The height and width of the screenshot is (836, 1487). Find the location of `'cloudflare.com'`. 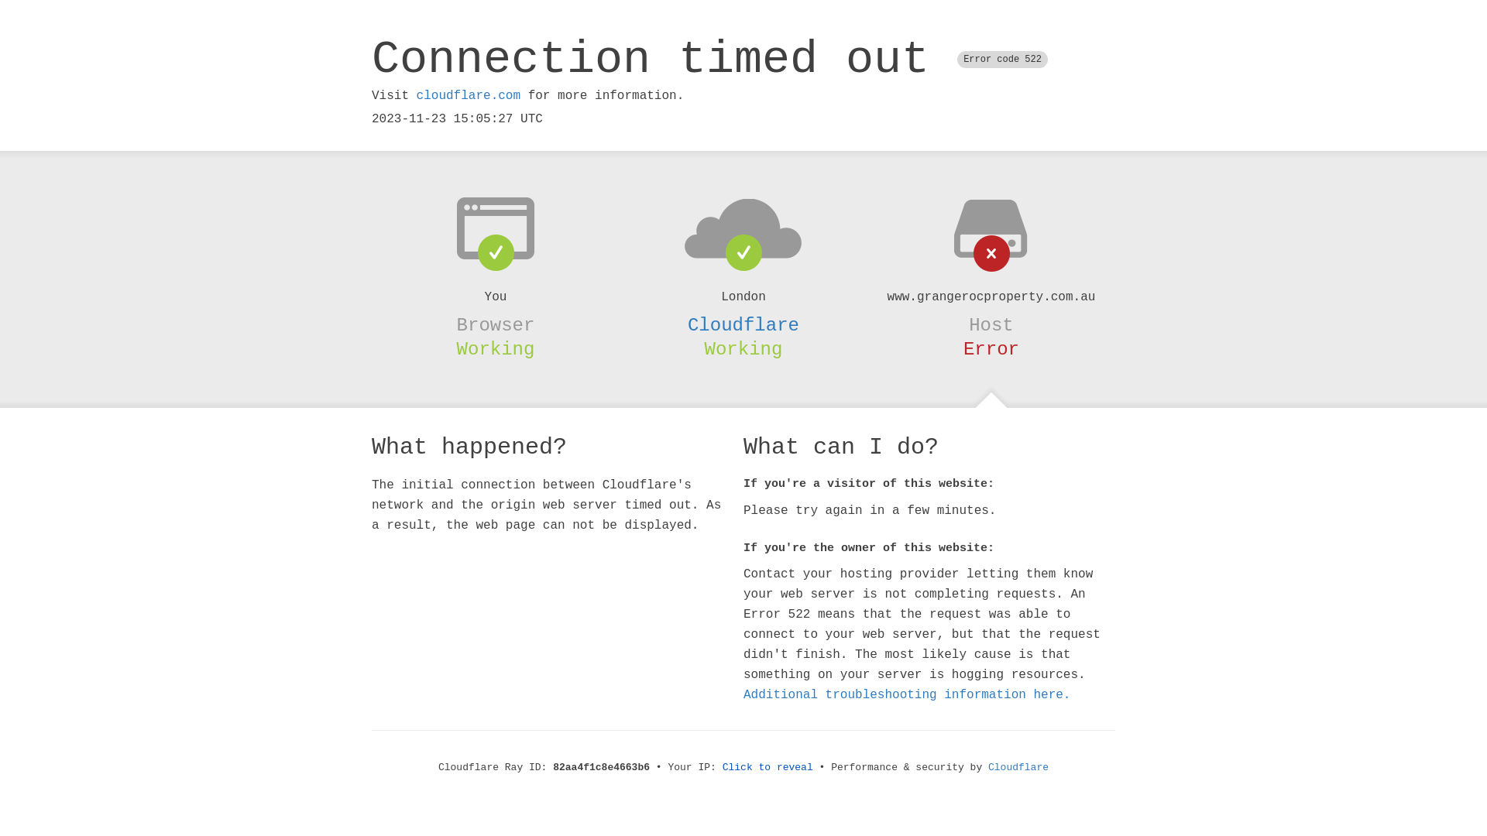

'cloudflare.com' is located at coordinates (467, 95).